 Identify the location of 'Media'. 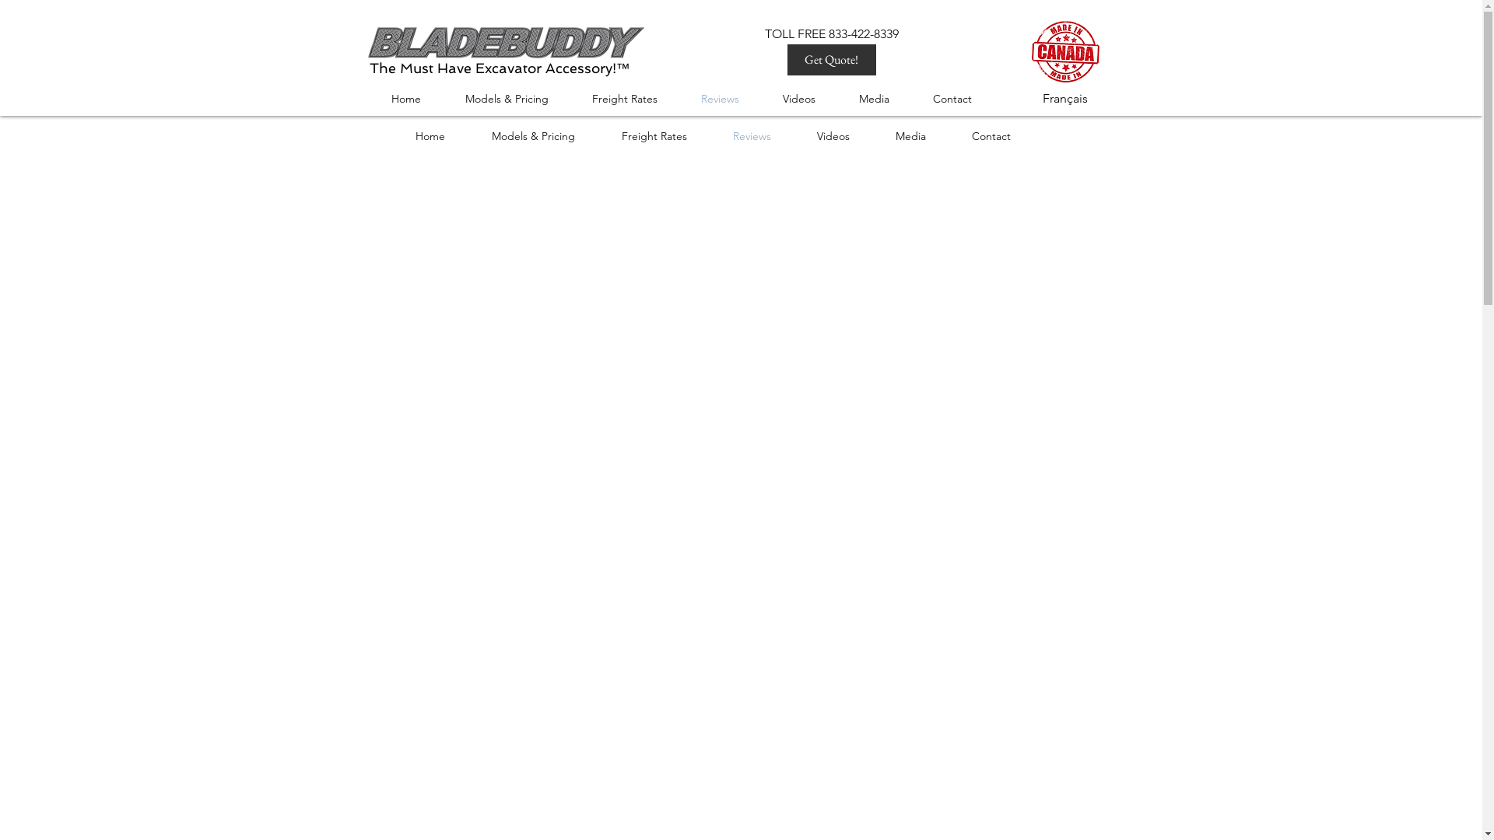
(922, 135).